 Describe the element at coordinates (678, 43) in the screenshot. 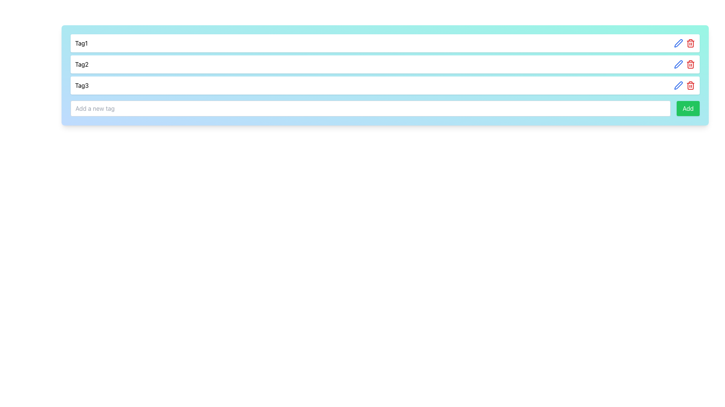

I see `the icon button located to the far right of the 'Tag2' text entry field` at that location.